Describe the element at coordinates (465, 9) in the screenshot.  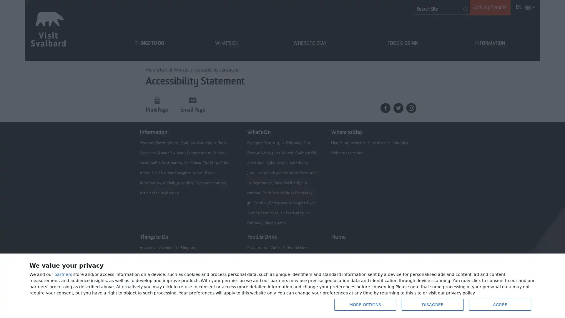
I see `submit` at that location.